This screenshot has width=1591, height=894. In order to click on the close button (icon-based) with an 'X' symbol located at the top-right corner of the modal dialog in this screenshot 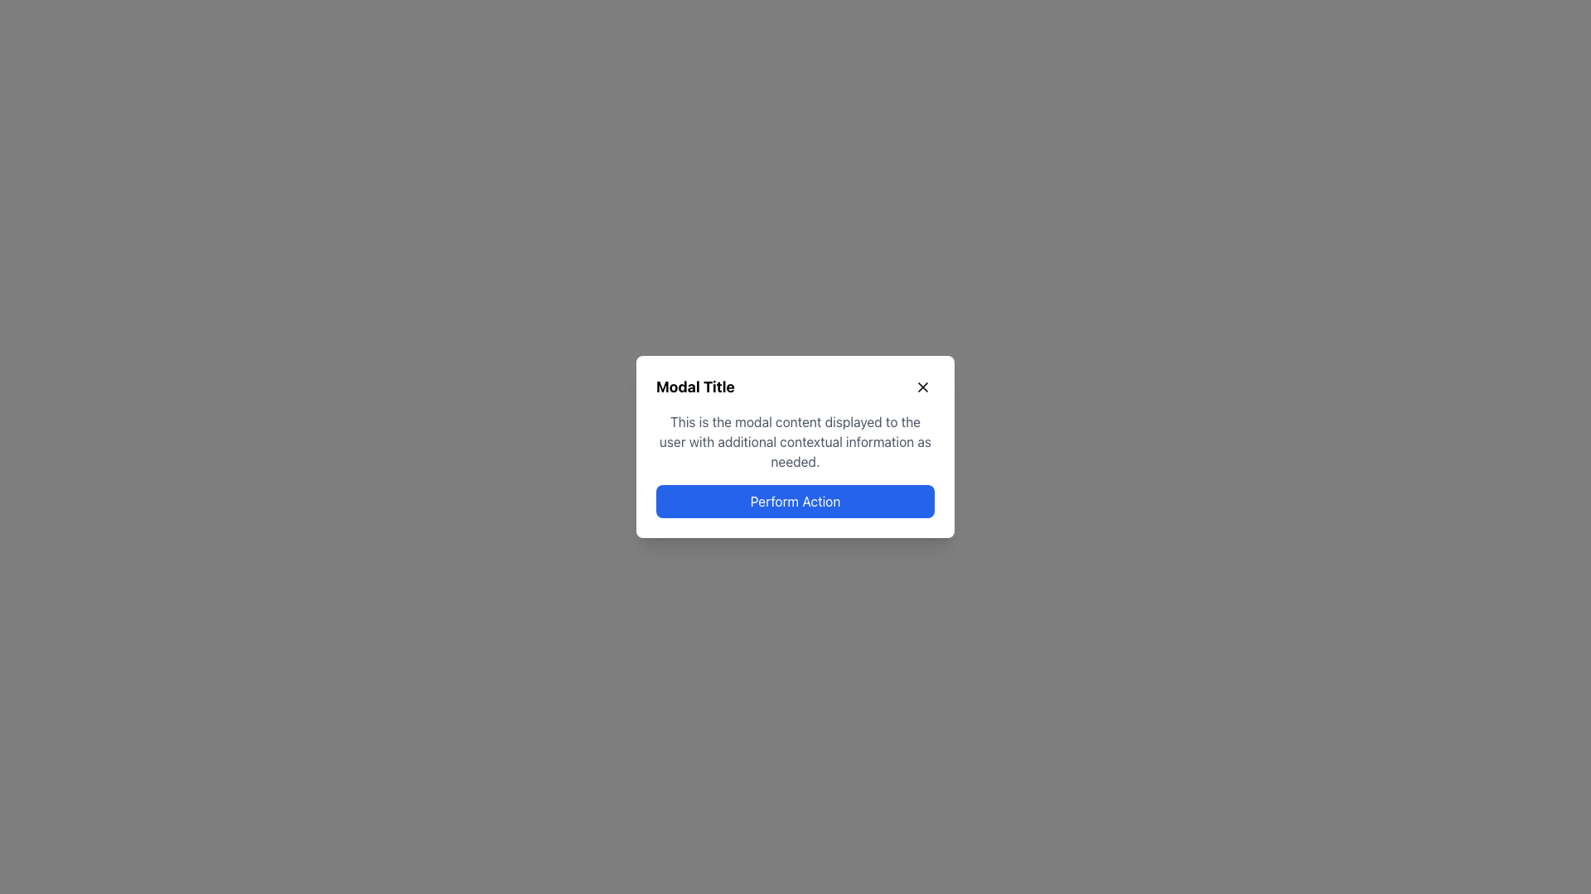, I will do `click(921, 387)`.